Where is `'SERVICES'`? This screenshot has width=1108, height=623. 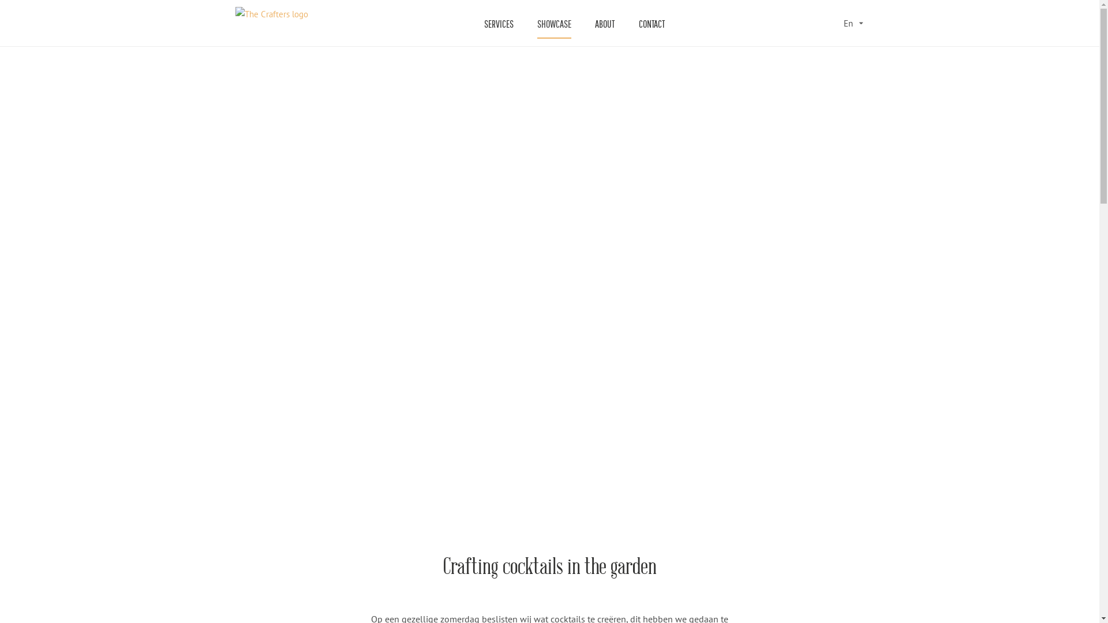
'SERVICES' is located at coordinates (471, 24).